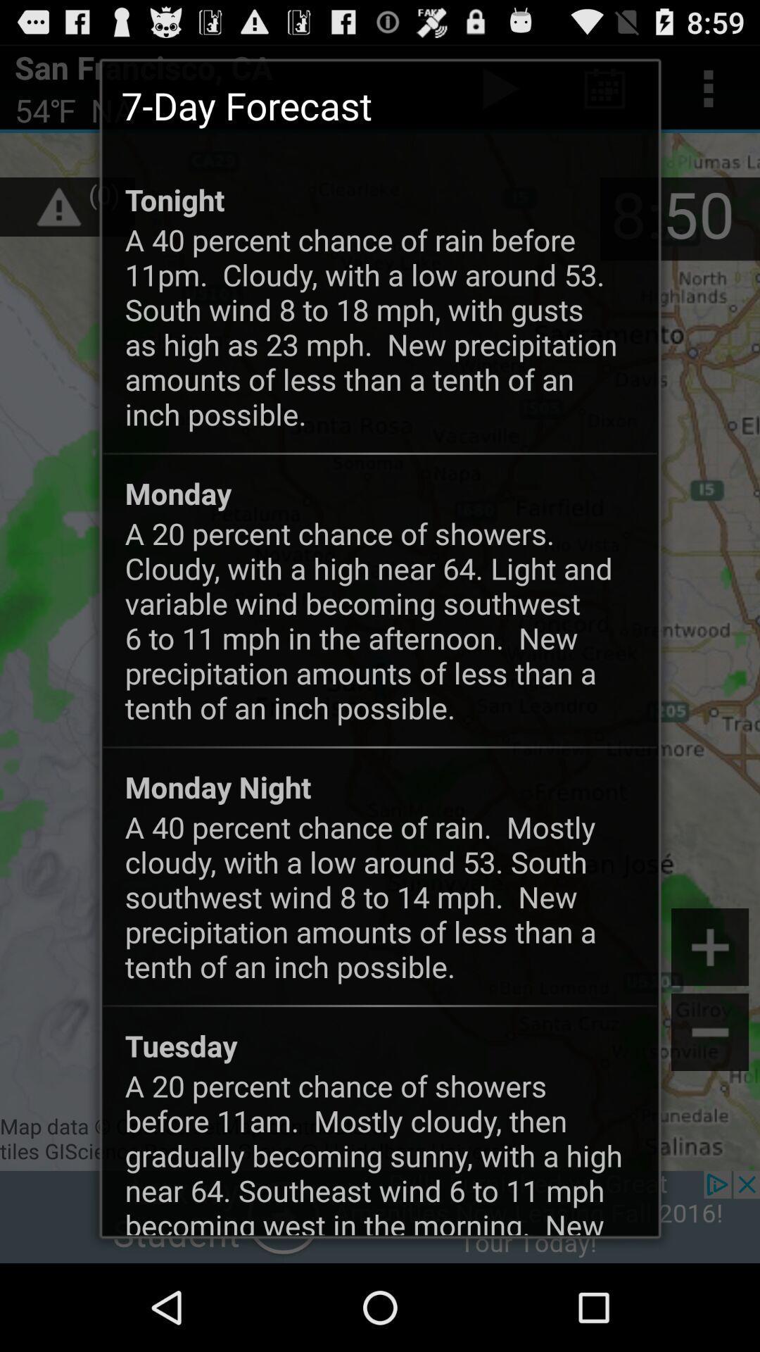 This screenshot has height=1352, width=760. Describe the element at coordinates (180, 1045) in the screenshot. I see `app at the bottom left corner` at that location.